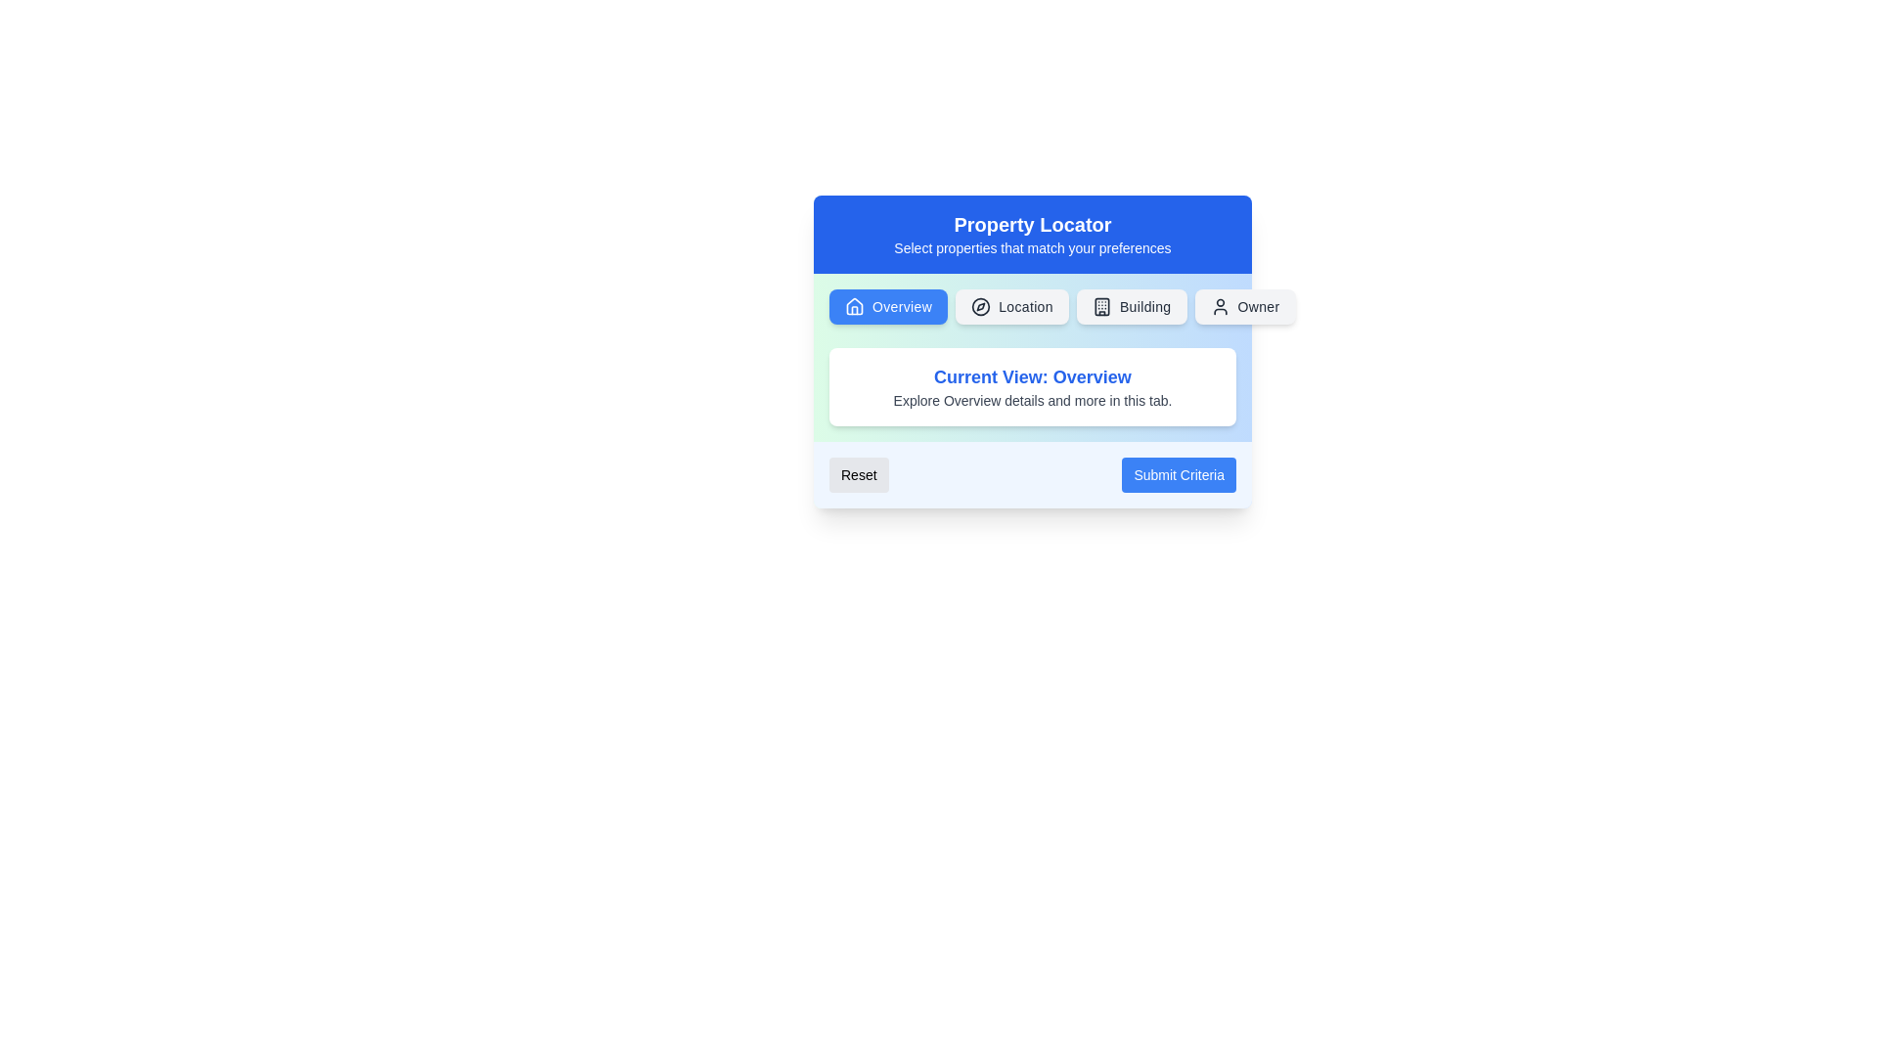 This screenshot has width=1878, height=1056. What do you see at coordinates (1012, 306) in the screenshot?
I see `the 'Location' button in the navigation bar below the 'Property Locator' header` at bounding box center [1012, 306].